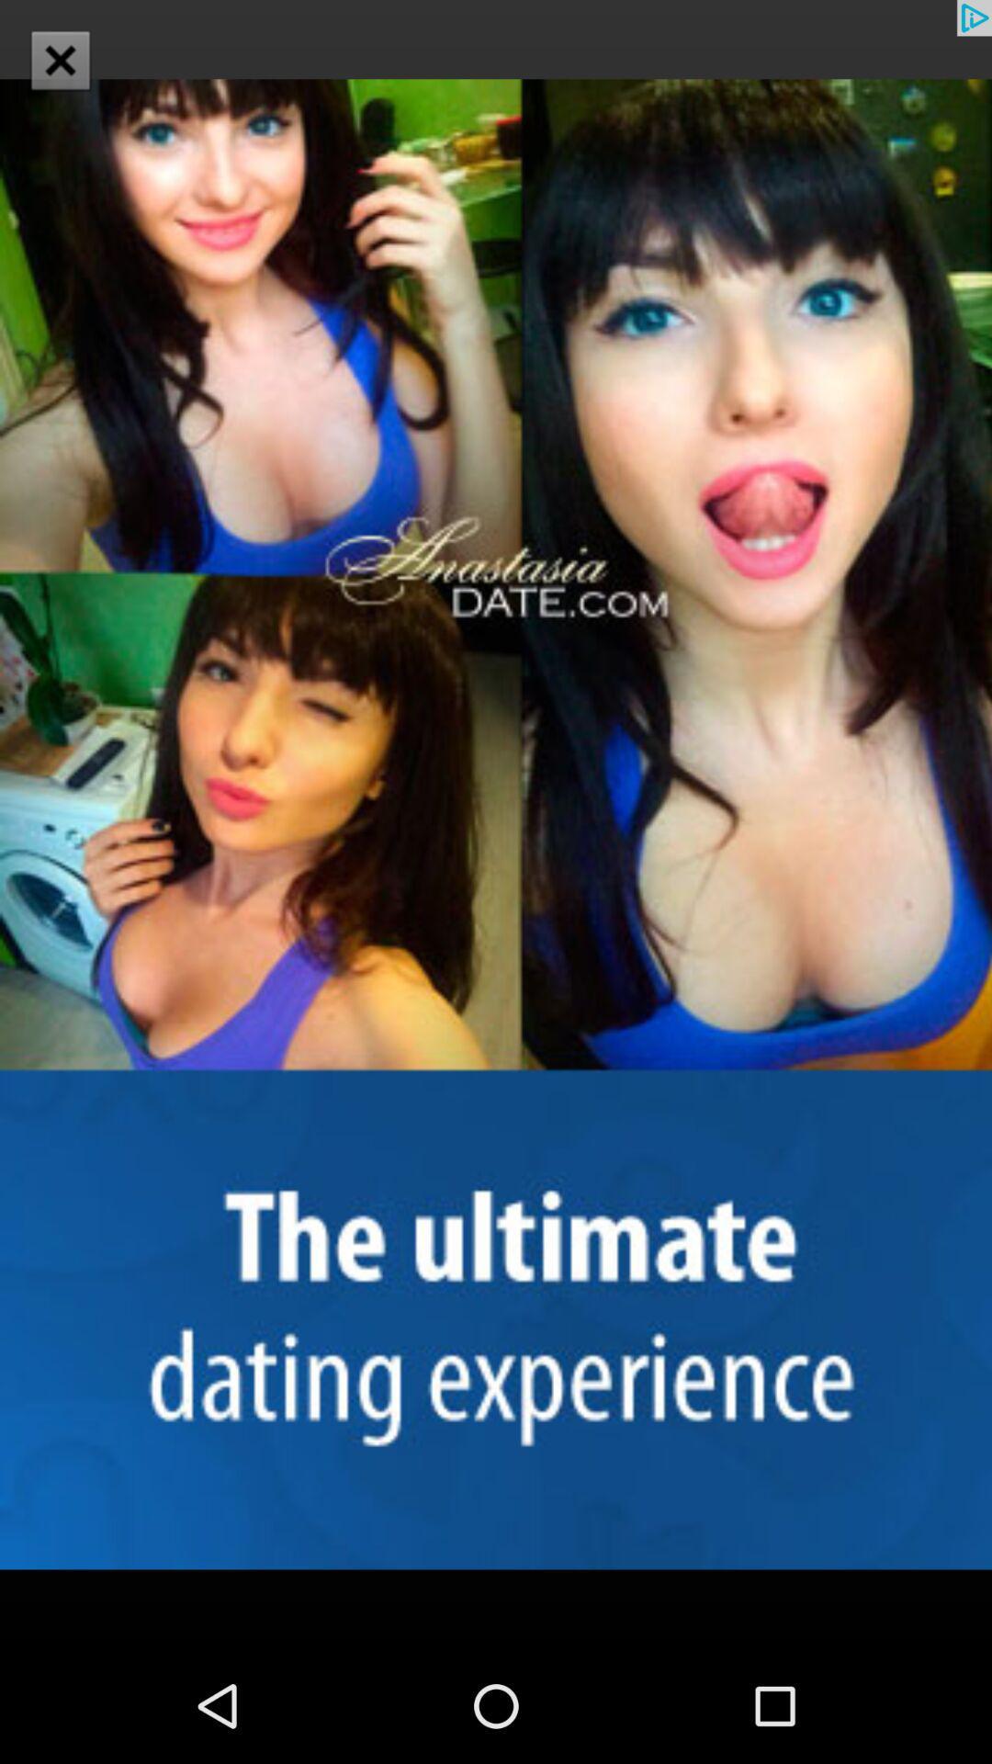 The image size is (992, 1764). I want to click on the close icon, so click(59, 64).